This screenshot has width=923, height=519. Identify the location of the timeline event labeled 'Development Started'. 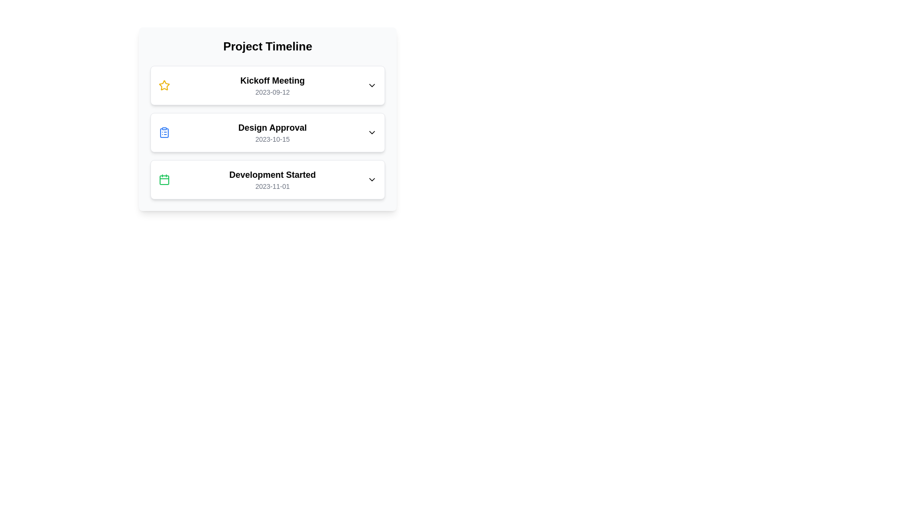
(267, 180).